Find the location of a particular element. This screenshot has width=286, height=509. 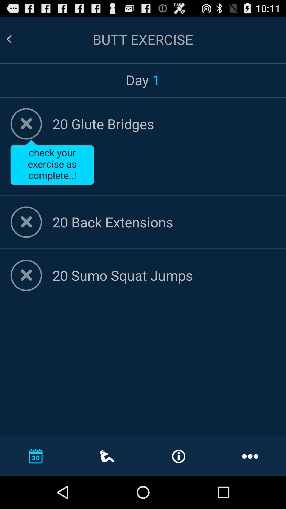

closes the workout is located at coordinates (26, 222).